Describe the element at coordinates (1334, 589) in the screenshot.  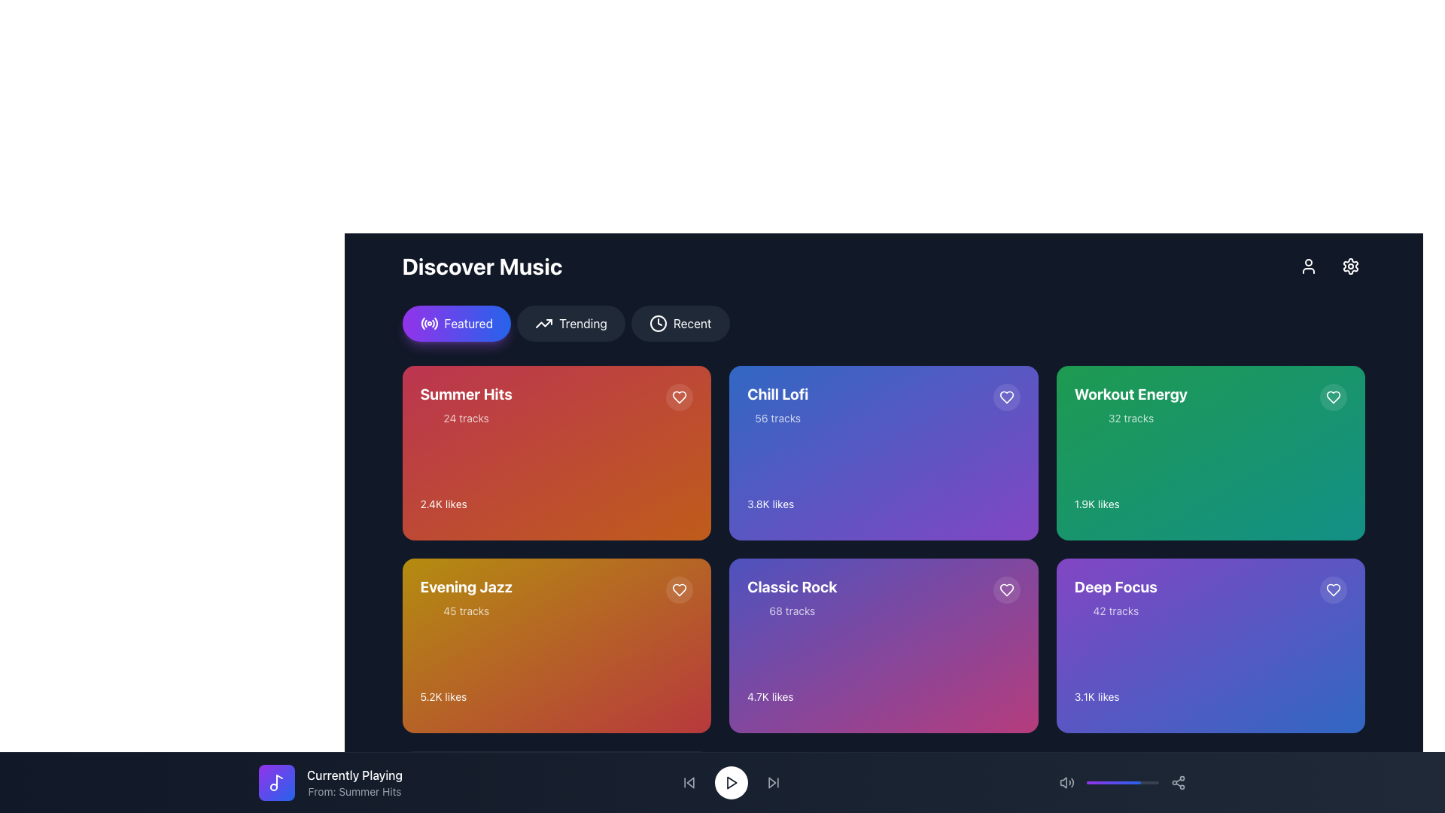
I see `the circular heart-shaped button in the top-right corner of the 'Deep Focus' card` at that location.